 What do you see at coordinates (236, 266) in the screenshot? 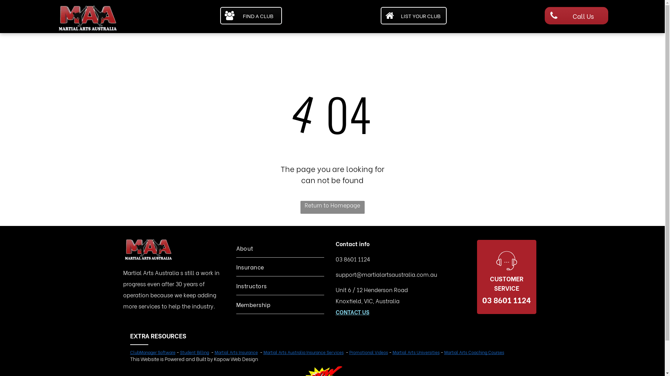
I see `'Insurance'` at bounding box center [236, 266].